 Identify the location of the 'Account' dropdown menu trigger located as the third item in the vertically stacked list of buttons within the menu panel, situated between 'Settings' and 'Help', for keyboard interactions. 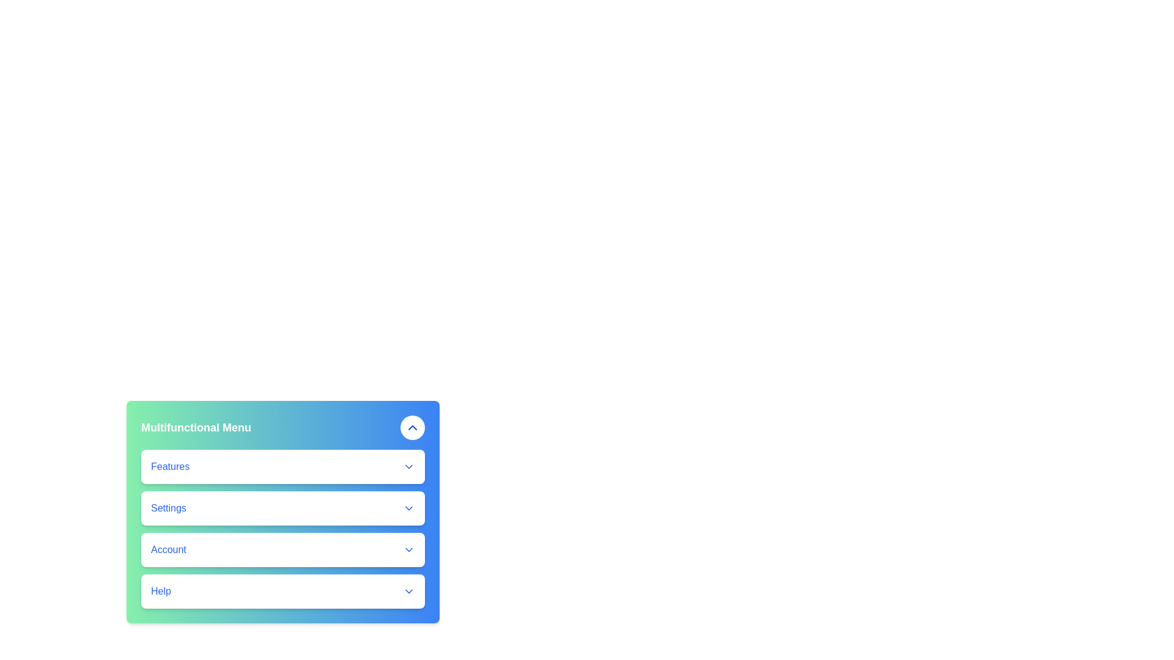
(282, 549).